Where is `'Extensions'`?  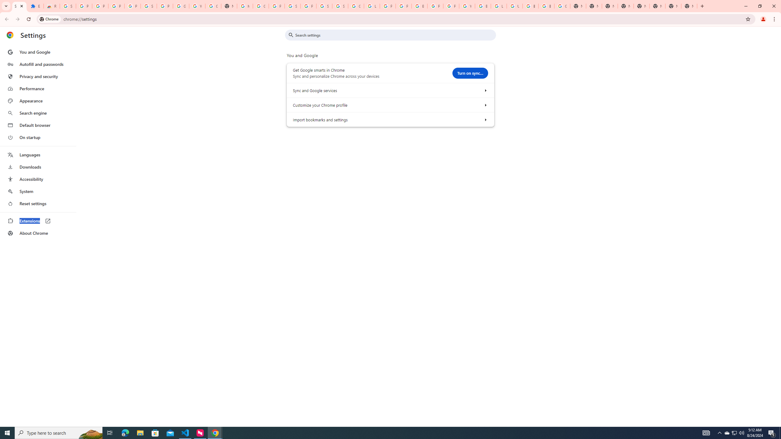 'Extensions' is located at coordinates (38, 221).